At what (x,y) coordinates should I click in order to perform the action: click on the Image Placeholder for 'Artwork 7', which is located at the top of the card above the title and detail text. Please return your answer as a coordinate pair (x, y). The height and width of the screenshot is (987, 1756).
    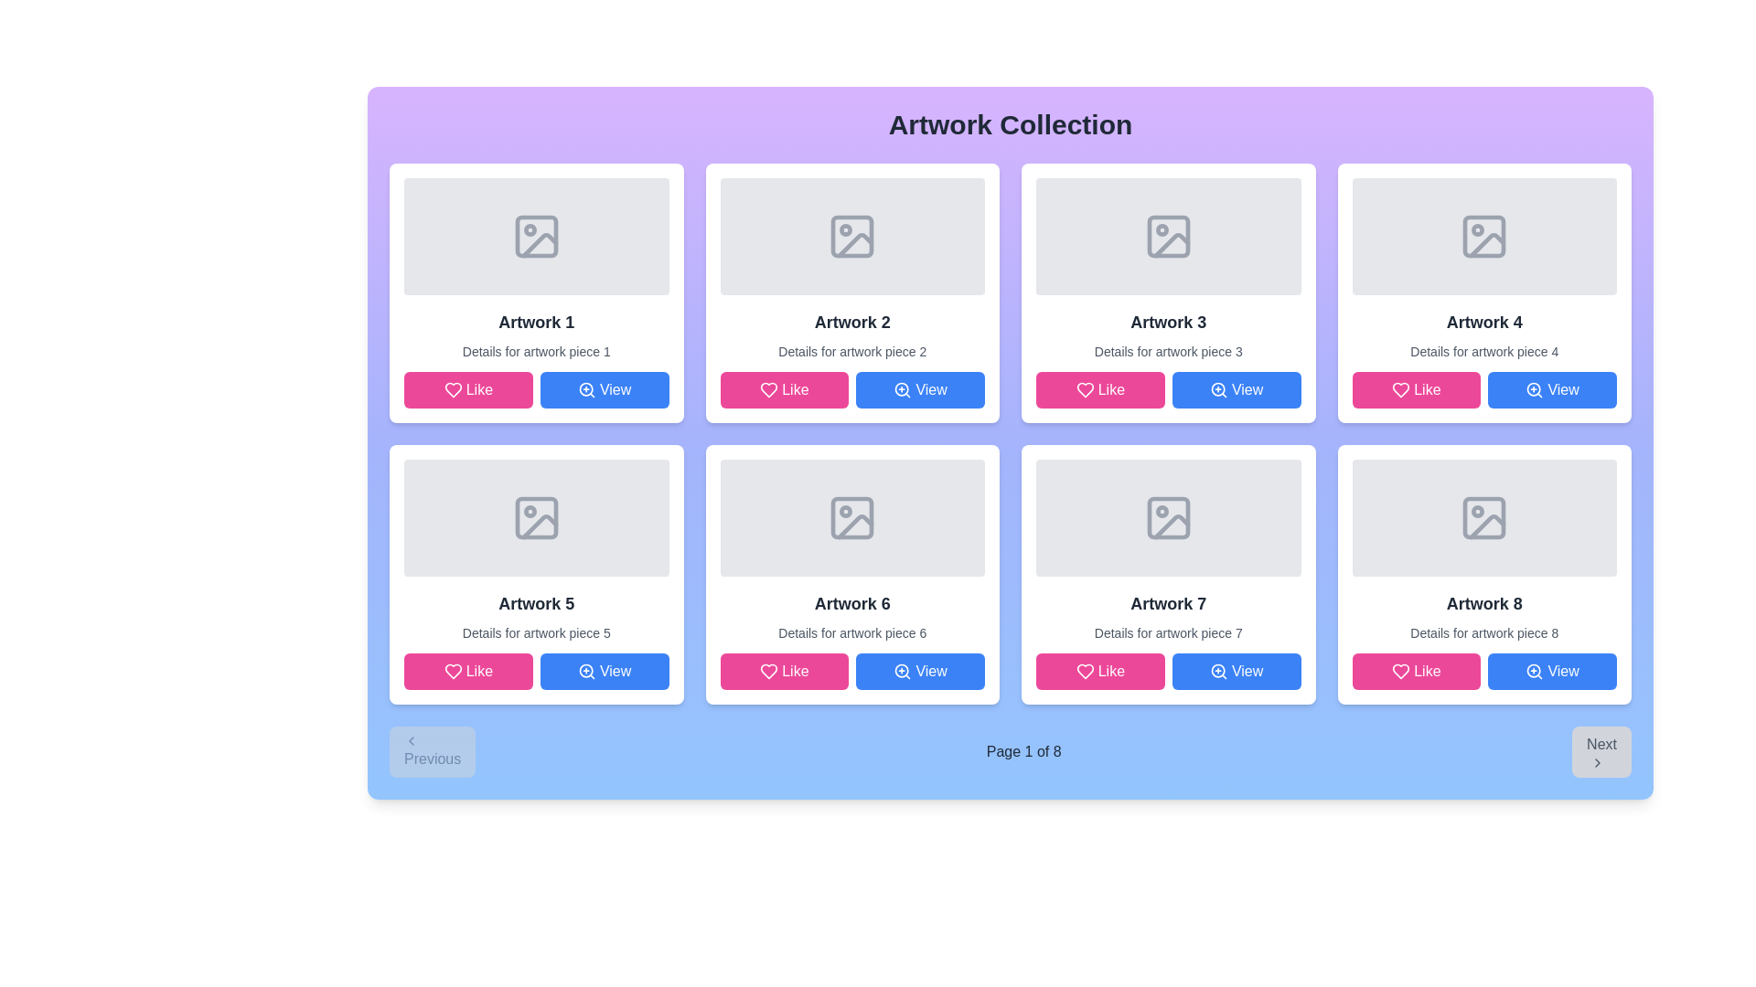
    Looking at the image, I should click on (1167, 518).